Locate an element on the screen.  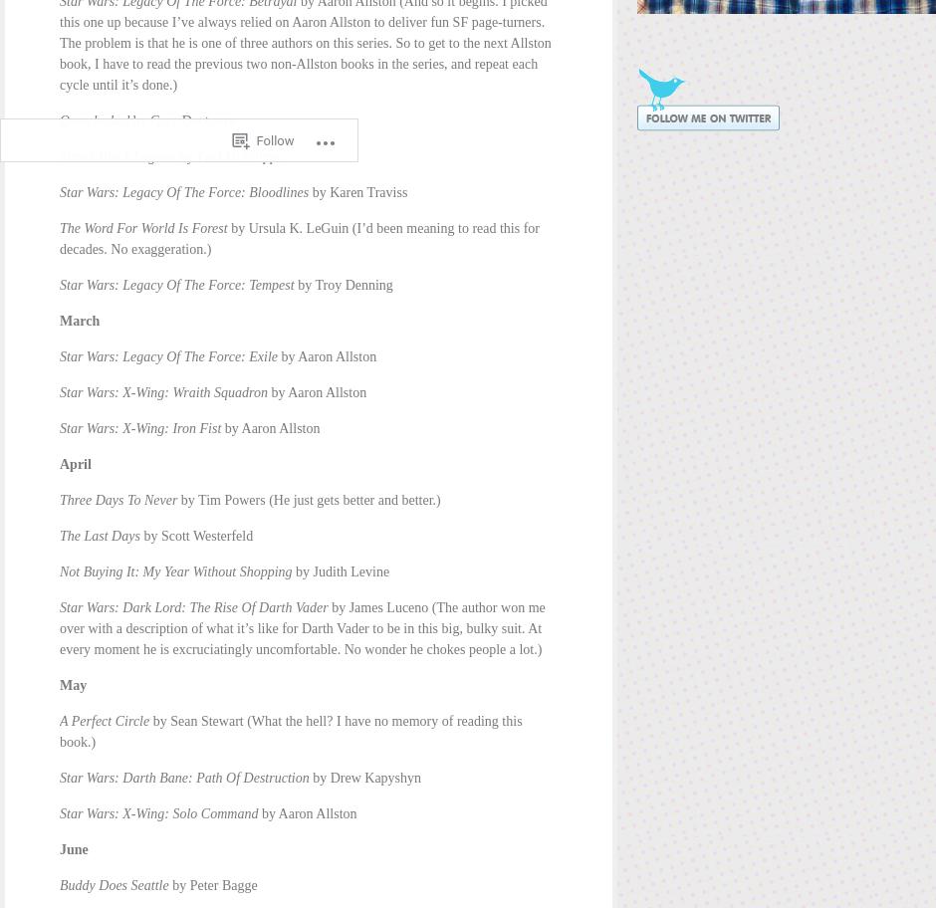
'March' is located at coordinates (79, 321).